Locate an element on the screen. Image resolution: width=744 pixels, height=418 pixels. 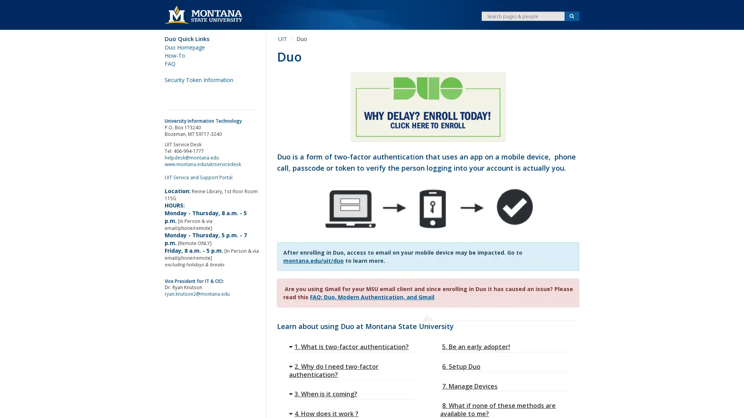
Search is located at coordinates (572, 16).